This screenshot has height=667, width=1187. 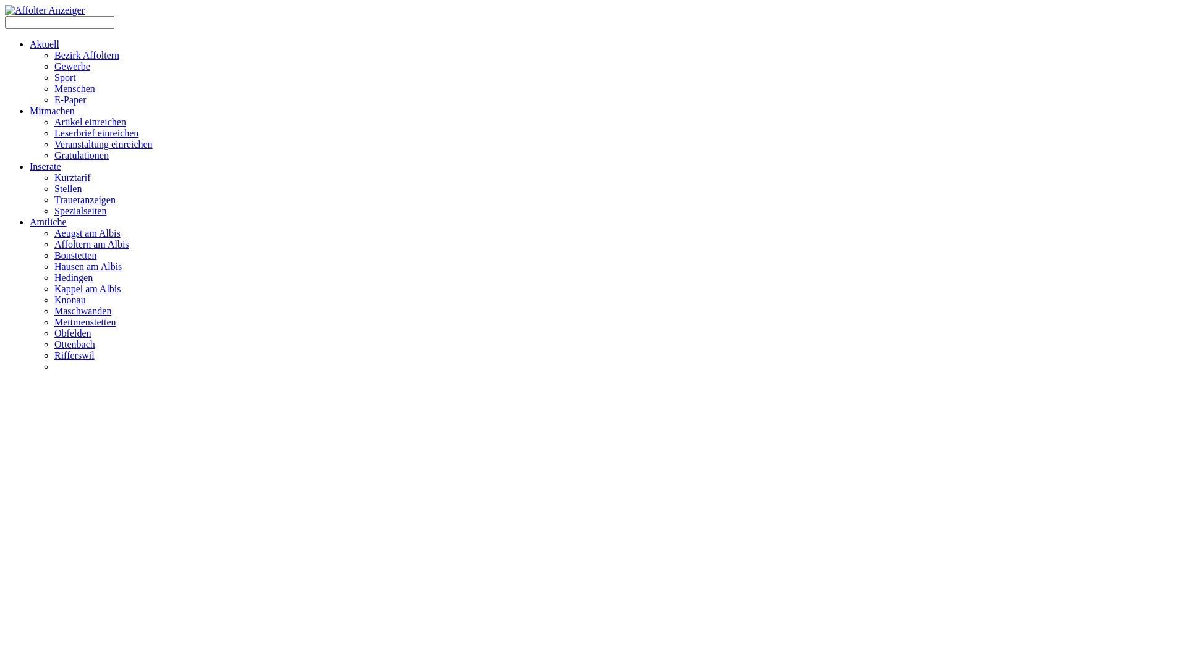 What do you see at coordinates (87, 233) in the screenshot?
I see `'Aeugst am Albis'` at bounding box center [87, 233].